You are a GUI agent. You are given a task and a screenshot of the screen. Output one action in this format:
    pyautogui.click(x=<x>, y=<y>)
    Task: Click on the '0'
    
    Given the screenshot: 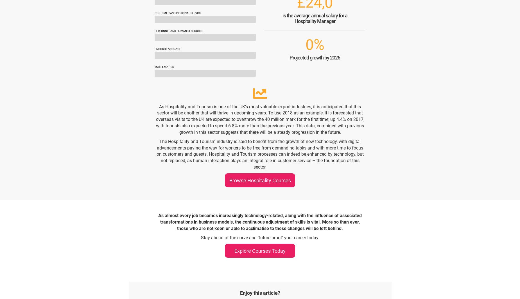 What is the action you would take?
    pyautogui.click(x=309, y=44)
    